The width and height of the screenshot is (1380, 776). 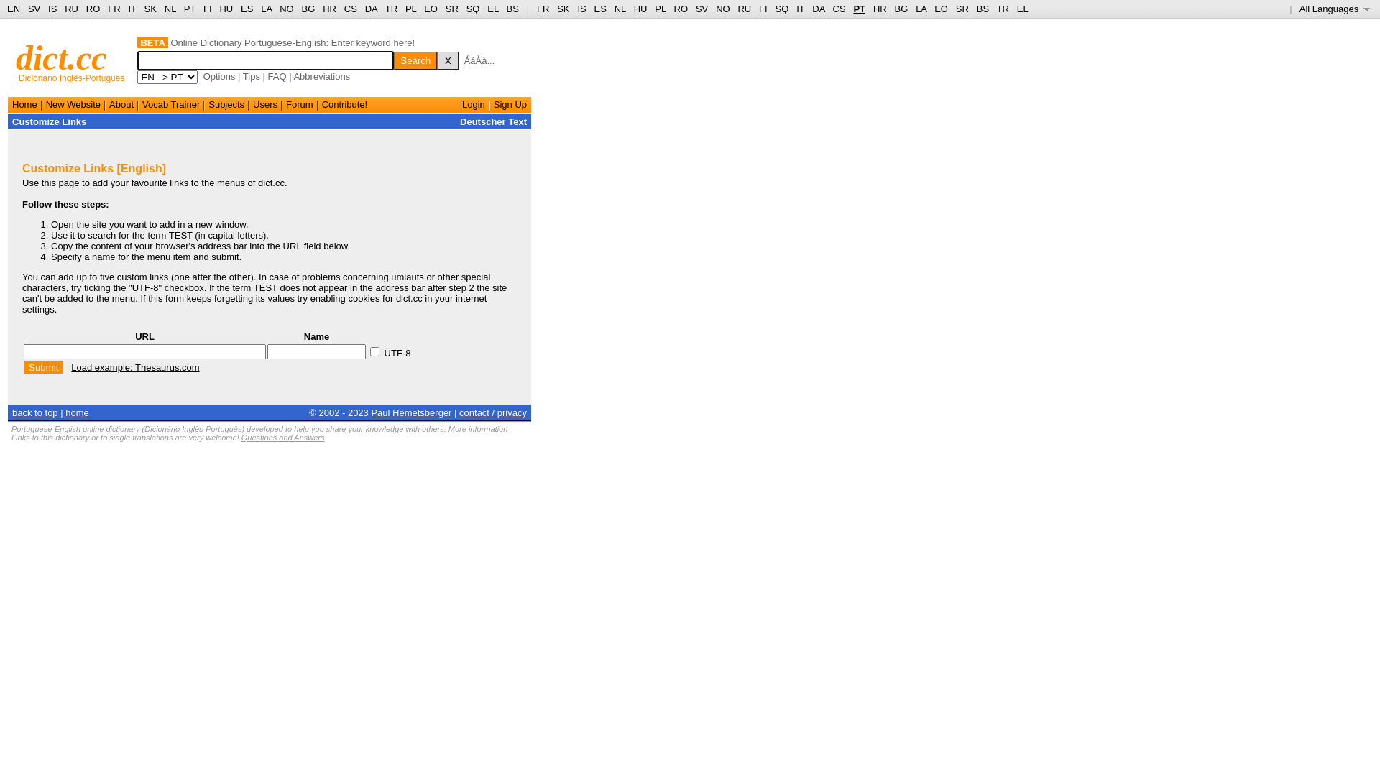 What do you see at coordinates (86, 9) in the screenshot?
I see `'RO'` at bounding box center [86, 9].